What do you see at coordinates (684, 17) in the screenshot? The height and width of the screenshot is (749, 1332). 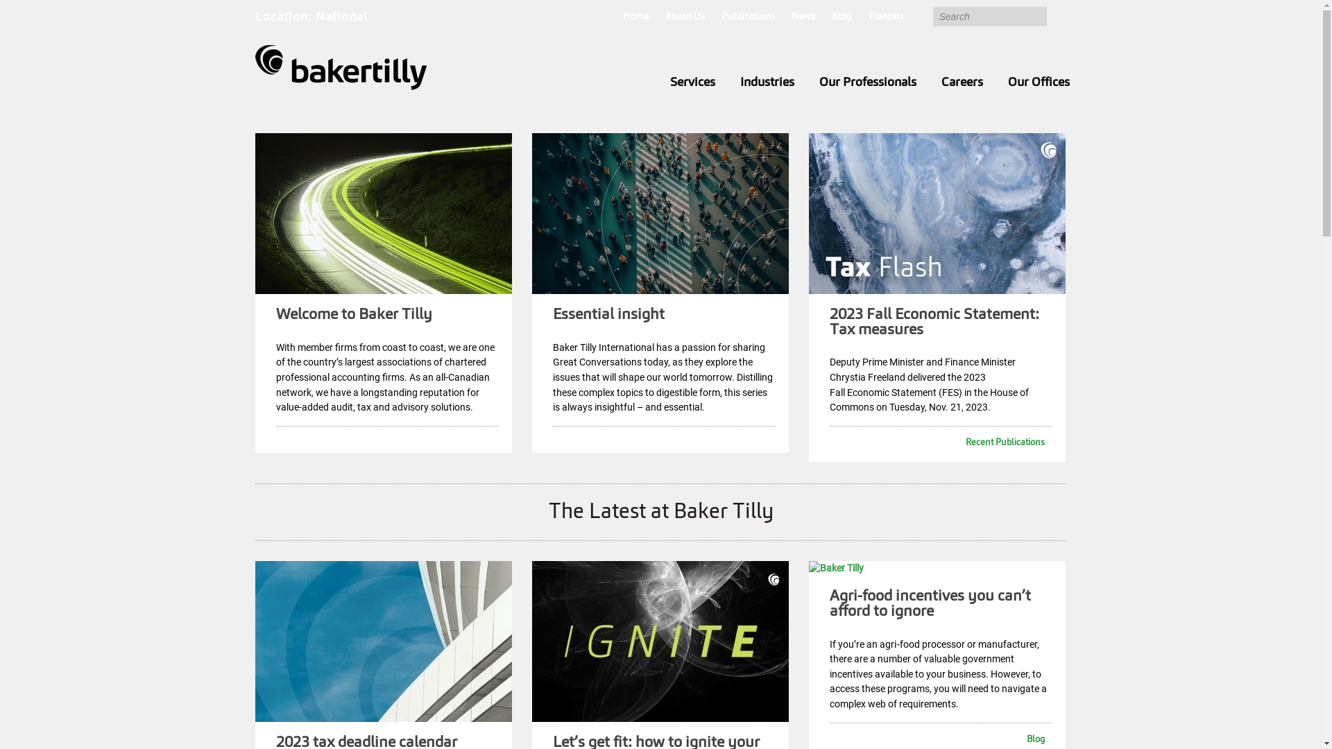 I see `'About Us'` at bounding box center [684, 17].